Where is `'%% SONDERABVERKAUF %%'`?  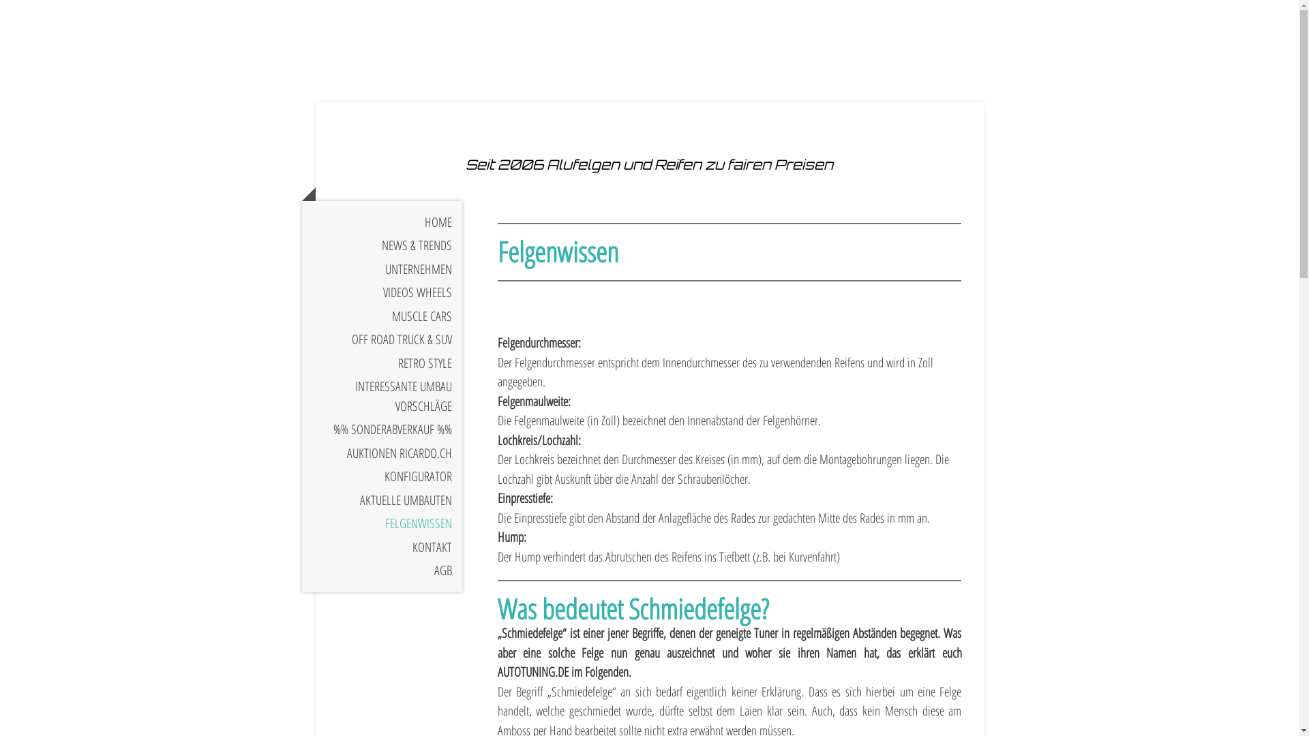
'%% SONDERABVERKAUF %%' is located at coordinates (381, 429).